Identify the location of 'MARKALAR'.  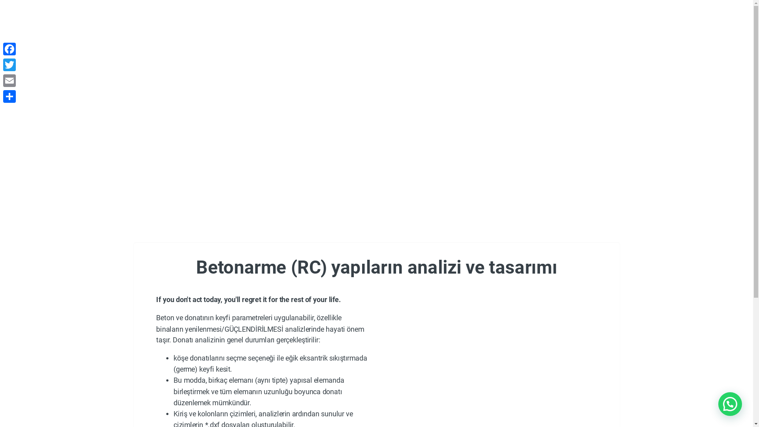
(357, 32).